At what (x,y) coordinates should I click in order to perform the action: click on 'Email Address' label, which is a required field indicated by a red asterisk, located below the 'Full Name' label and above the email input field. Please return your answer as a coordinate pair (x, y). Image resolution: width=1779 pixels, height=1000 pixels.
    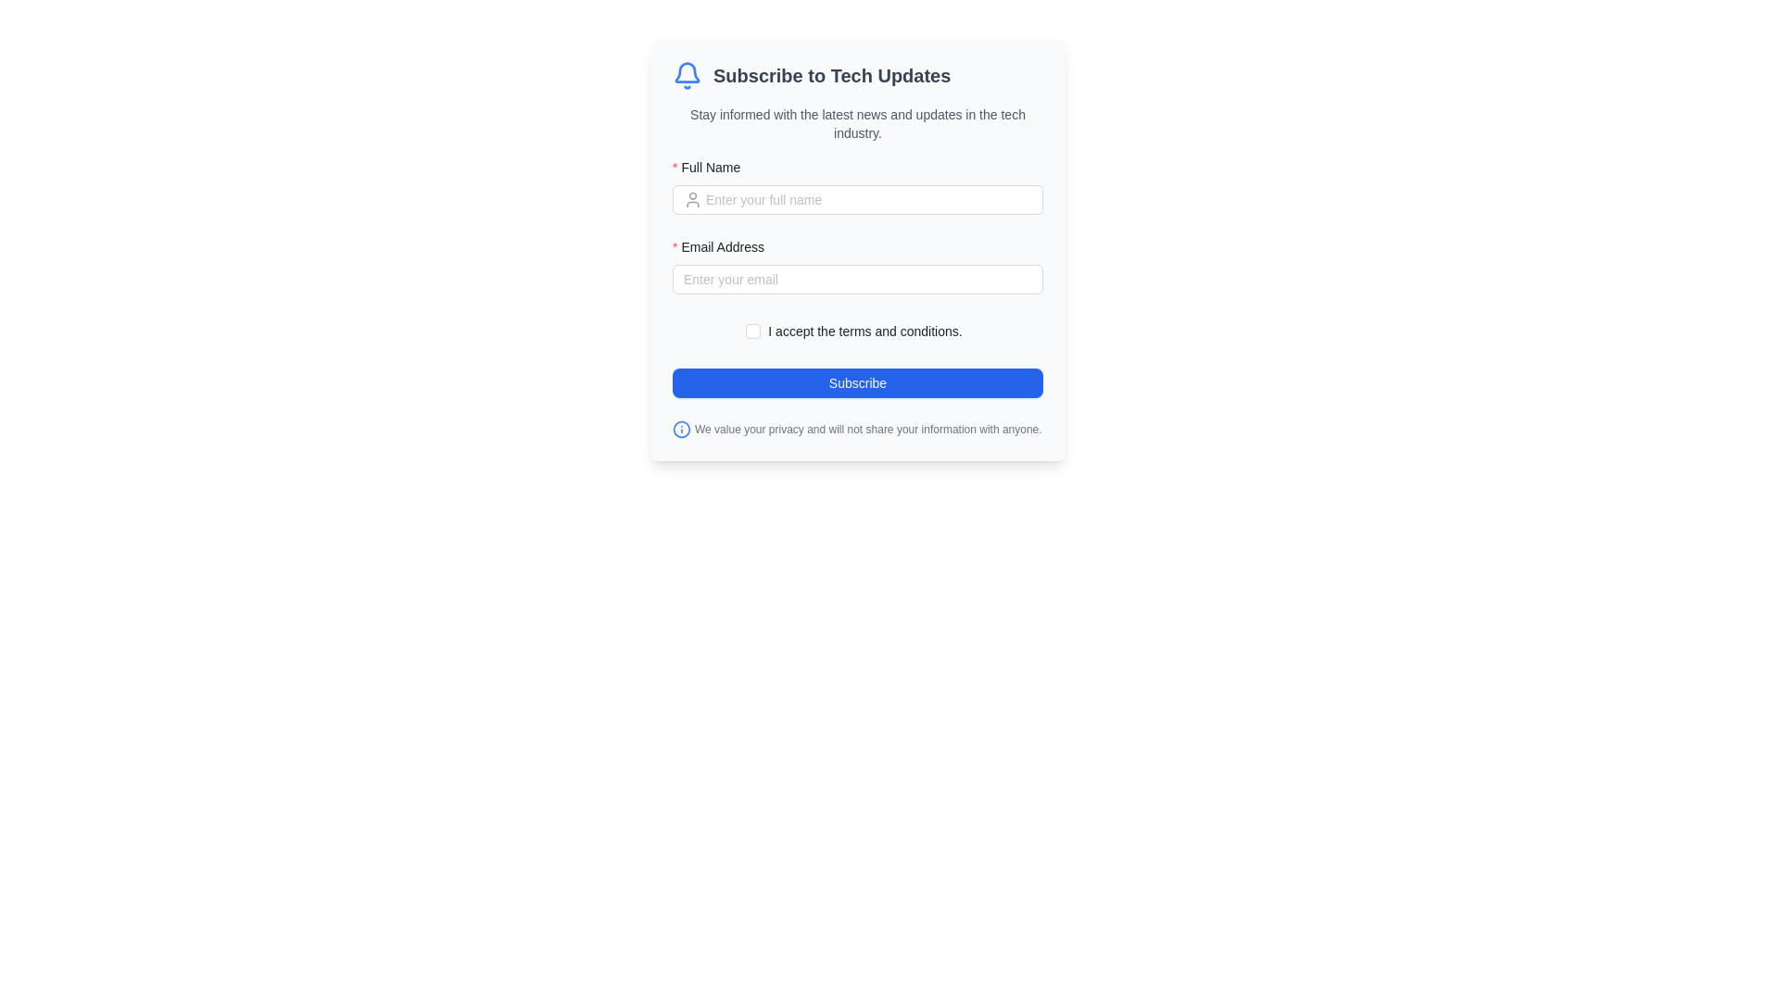
    Looking at the image, I should click on (724, 245).